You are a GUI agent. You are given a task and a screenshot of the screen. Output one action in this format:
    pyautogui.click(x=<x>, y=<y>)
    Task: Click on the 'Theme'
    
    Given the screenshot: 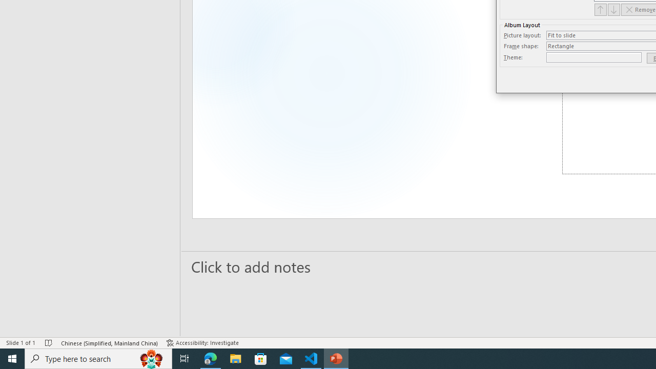 What is the action you would take?
    pyautogui.click(x=594, y=57)
    